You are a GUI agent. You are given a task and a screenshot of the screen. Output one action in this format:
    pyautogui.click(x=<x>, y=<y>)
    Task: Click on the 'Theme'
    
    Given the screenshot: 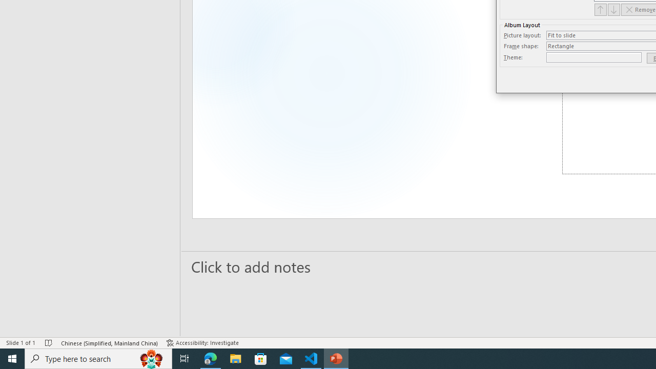 What is the action you would take?
    pyautogui.click(x=594, y=57)
    